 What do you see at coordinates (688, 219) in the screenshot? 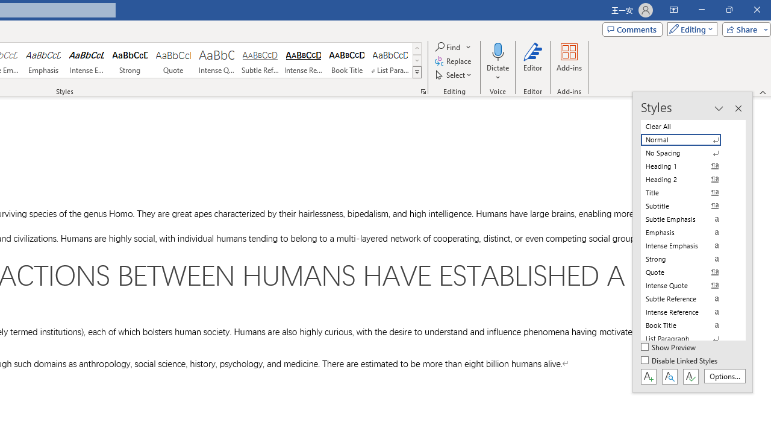
I see `'Subtle Emphasis'` at bounding box center [688, 219].